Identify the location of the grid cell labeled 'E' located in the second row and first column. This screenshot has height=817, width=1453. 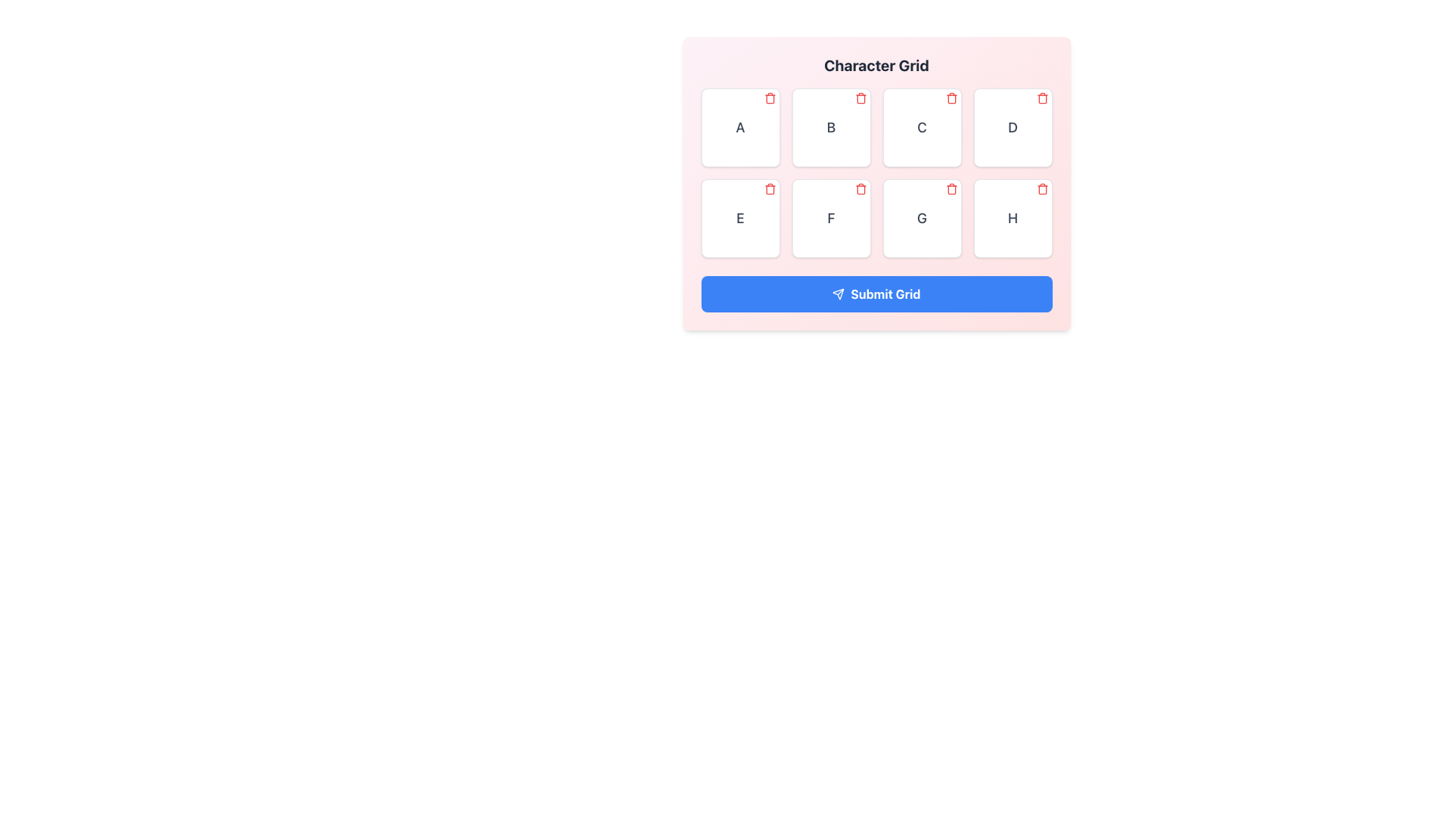
(740, 219).